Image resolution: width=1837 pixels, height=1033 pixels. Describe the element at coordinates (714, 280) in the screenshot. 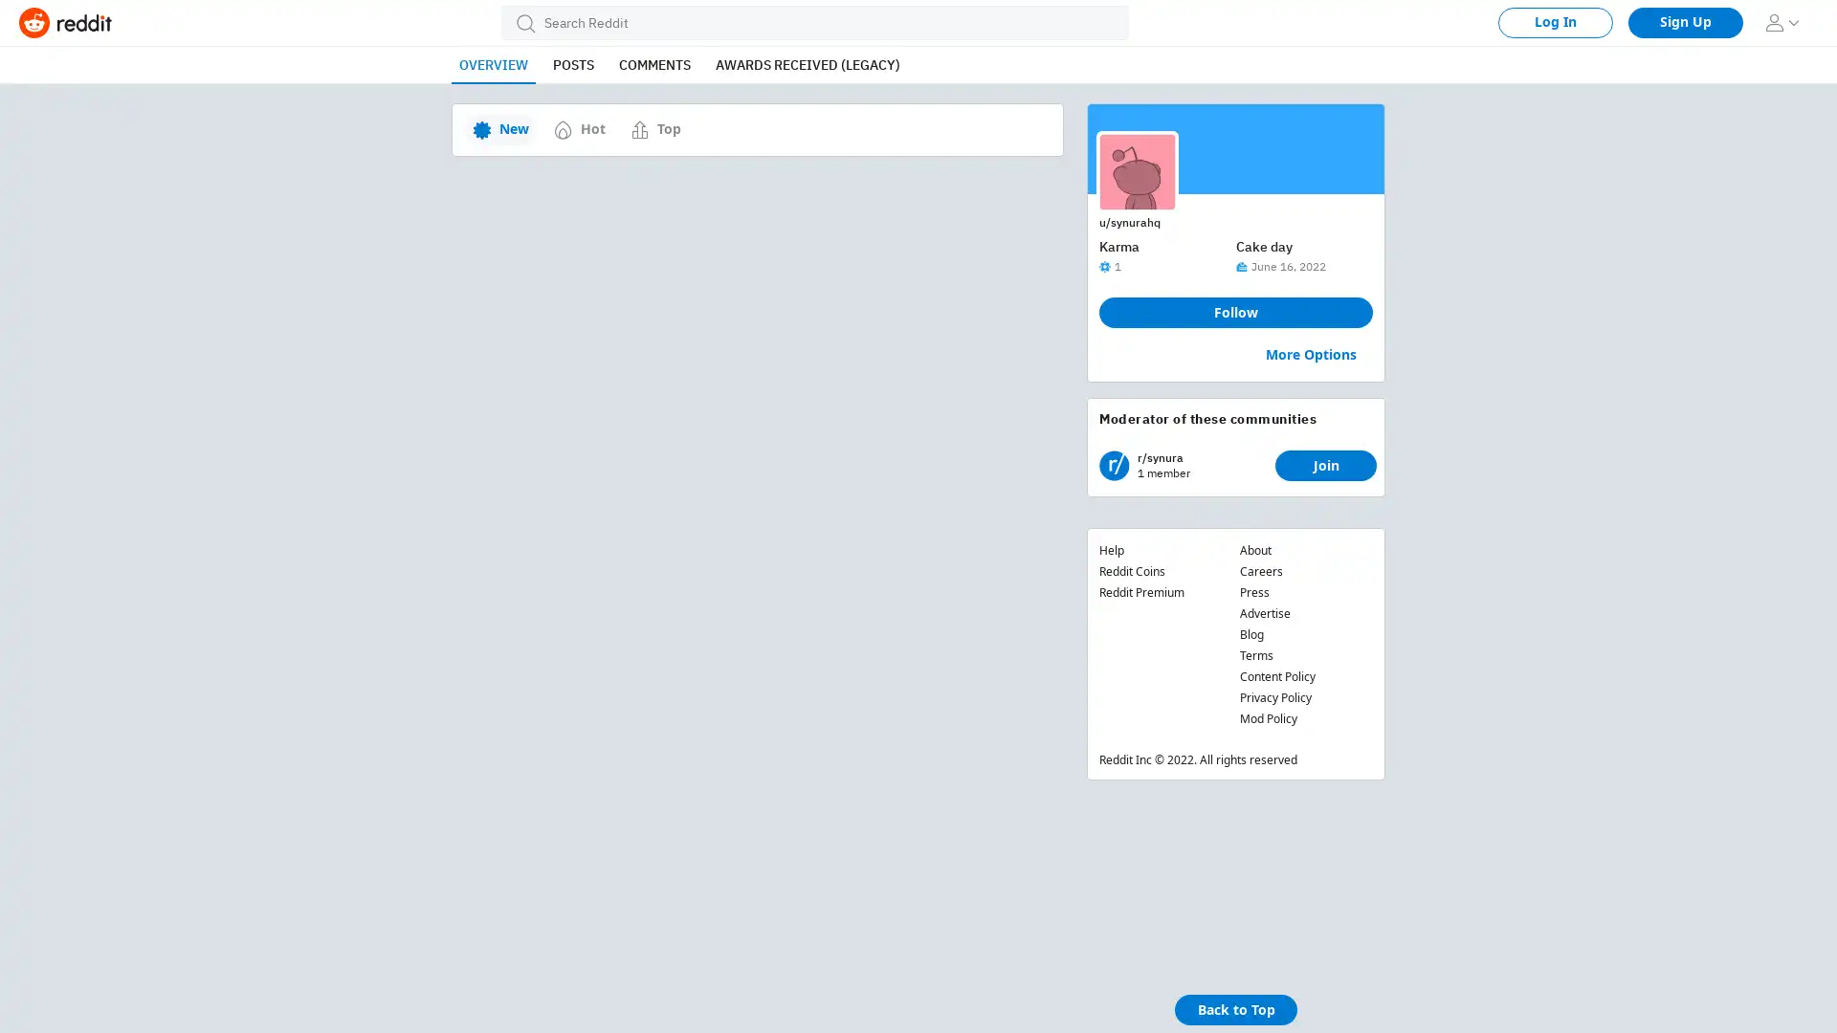

I see `Save` at that location.